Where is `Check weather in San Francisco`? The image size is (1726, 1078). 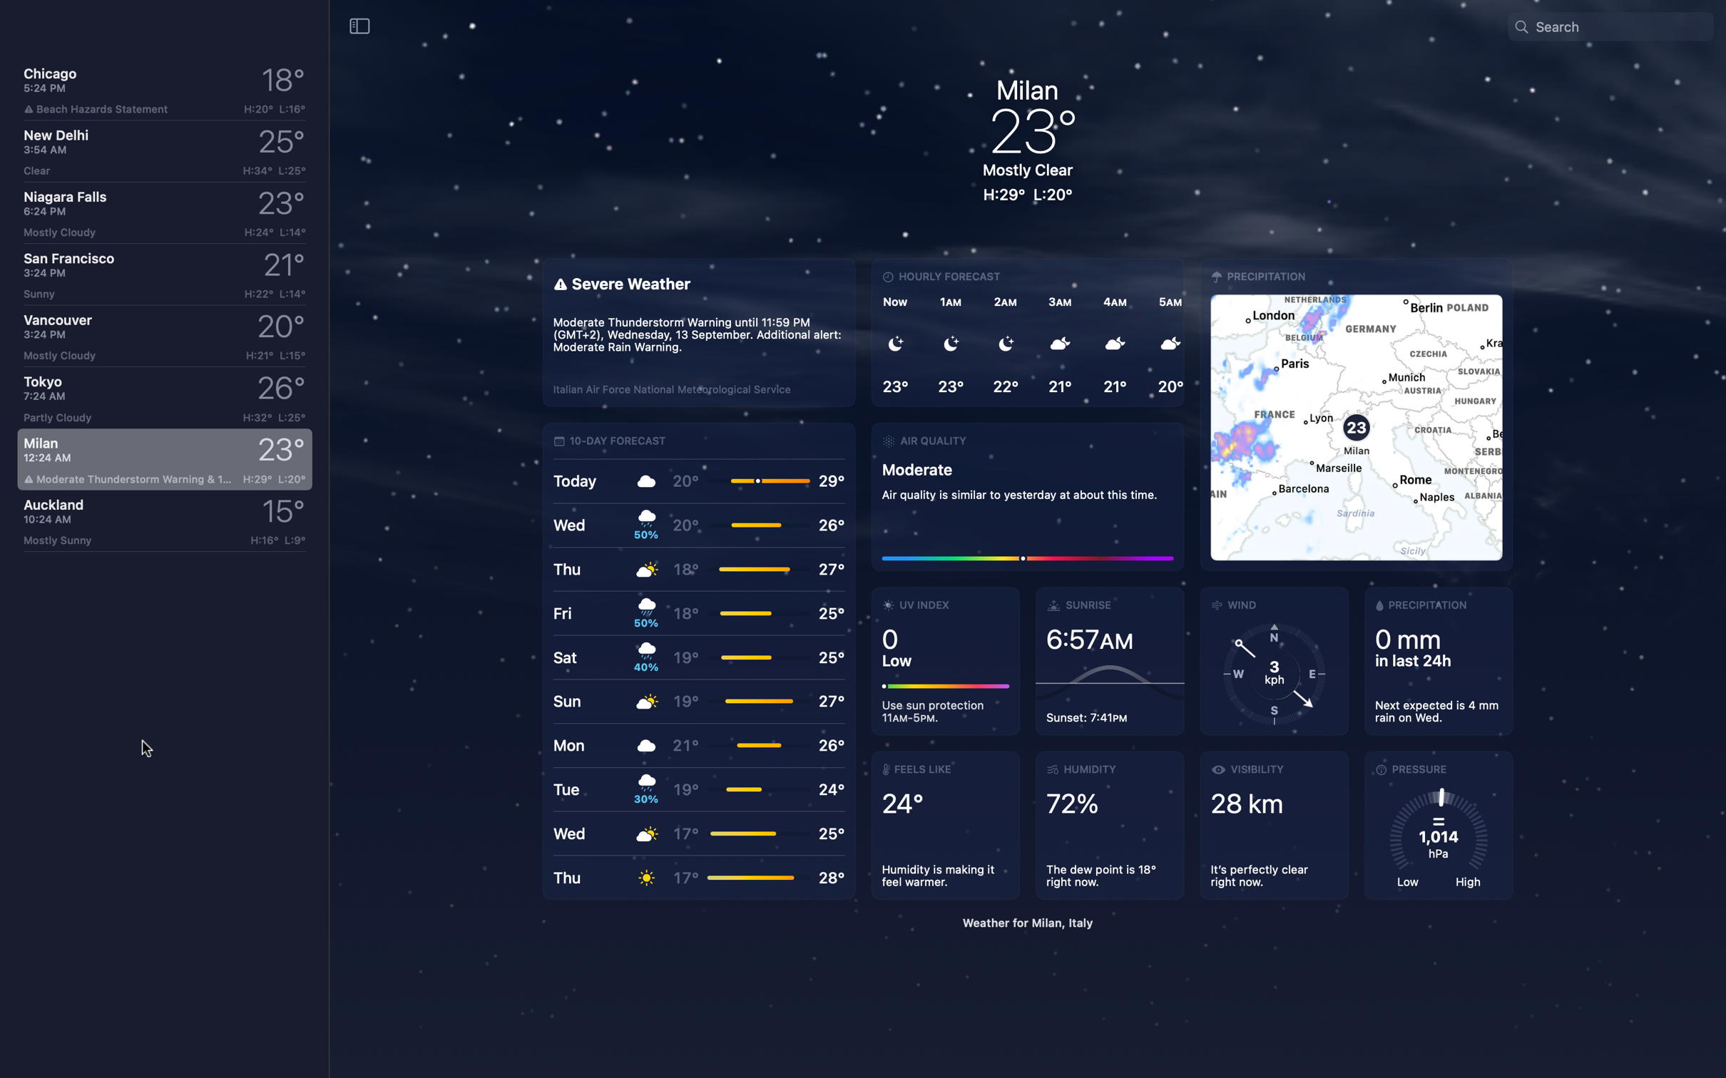 Check weather in San Francisco is located at coordinates (161, 272).